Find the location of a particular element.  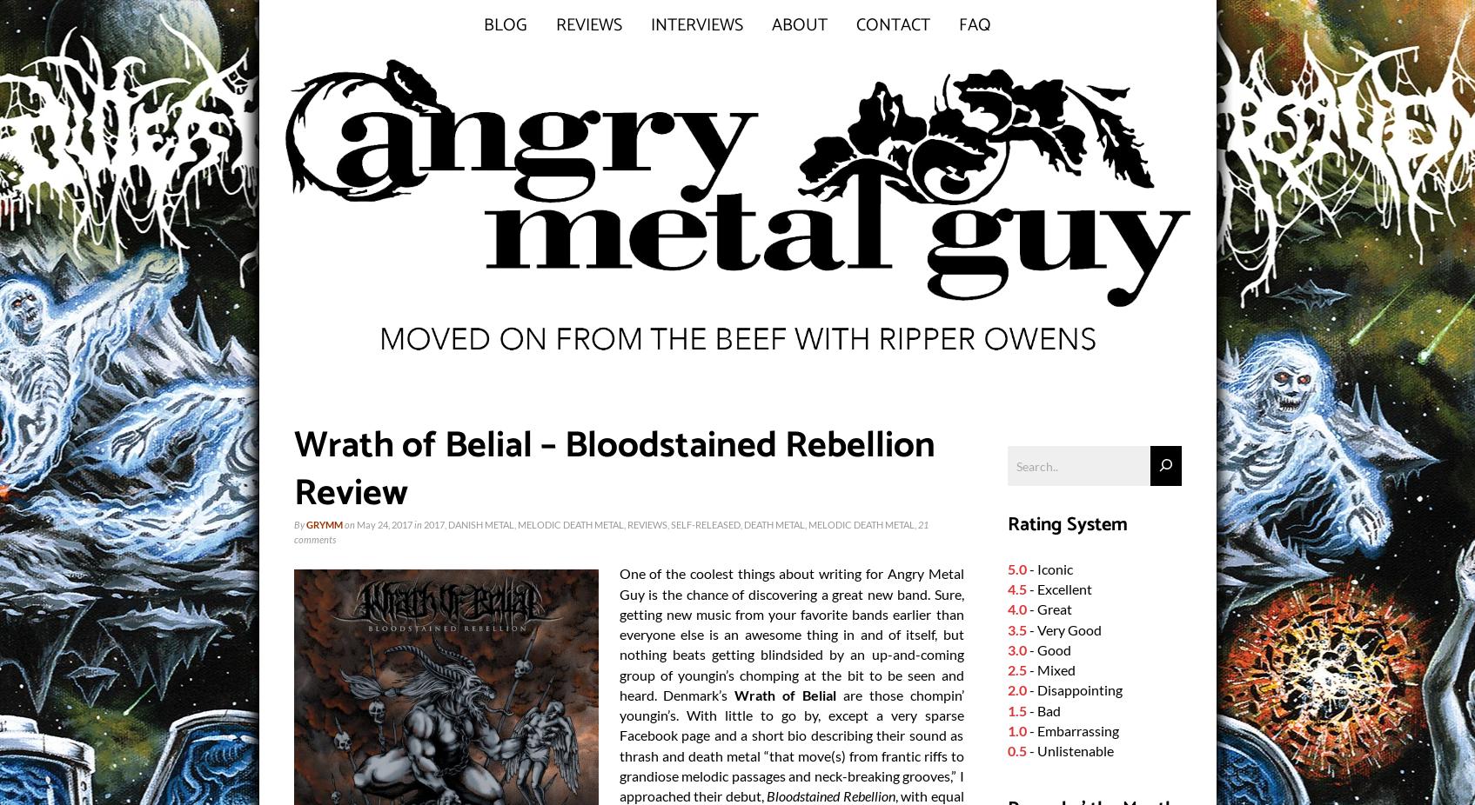

'Angry Metal Guy' is located at coordinates (790, 582).